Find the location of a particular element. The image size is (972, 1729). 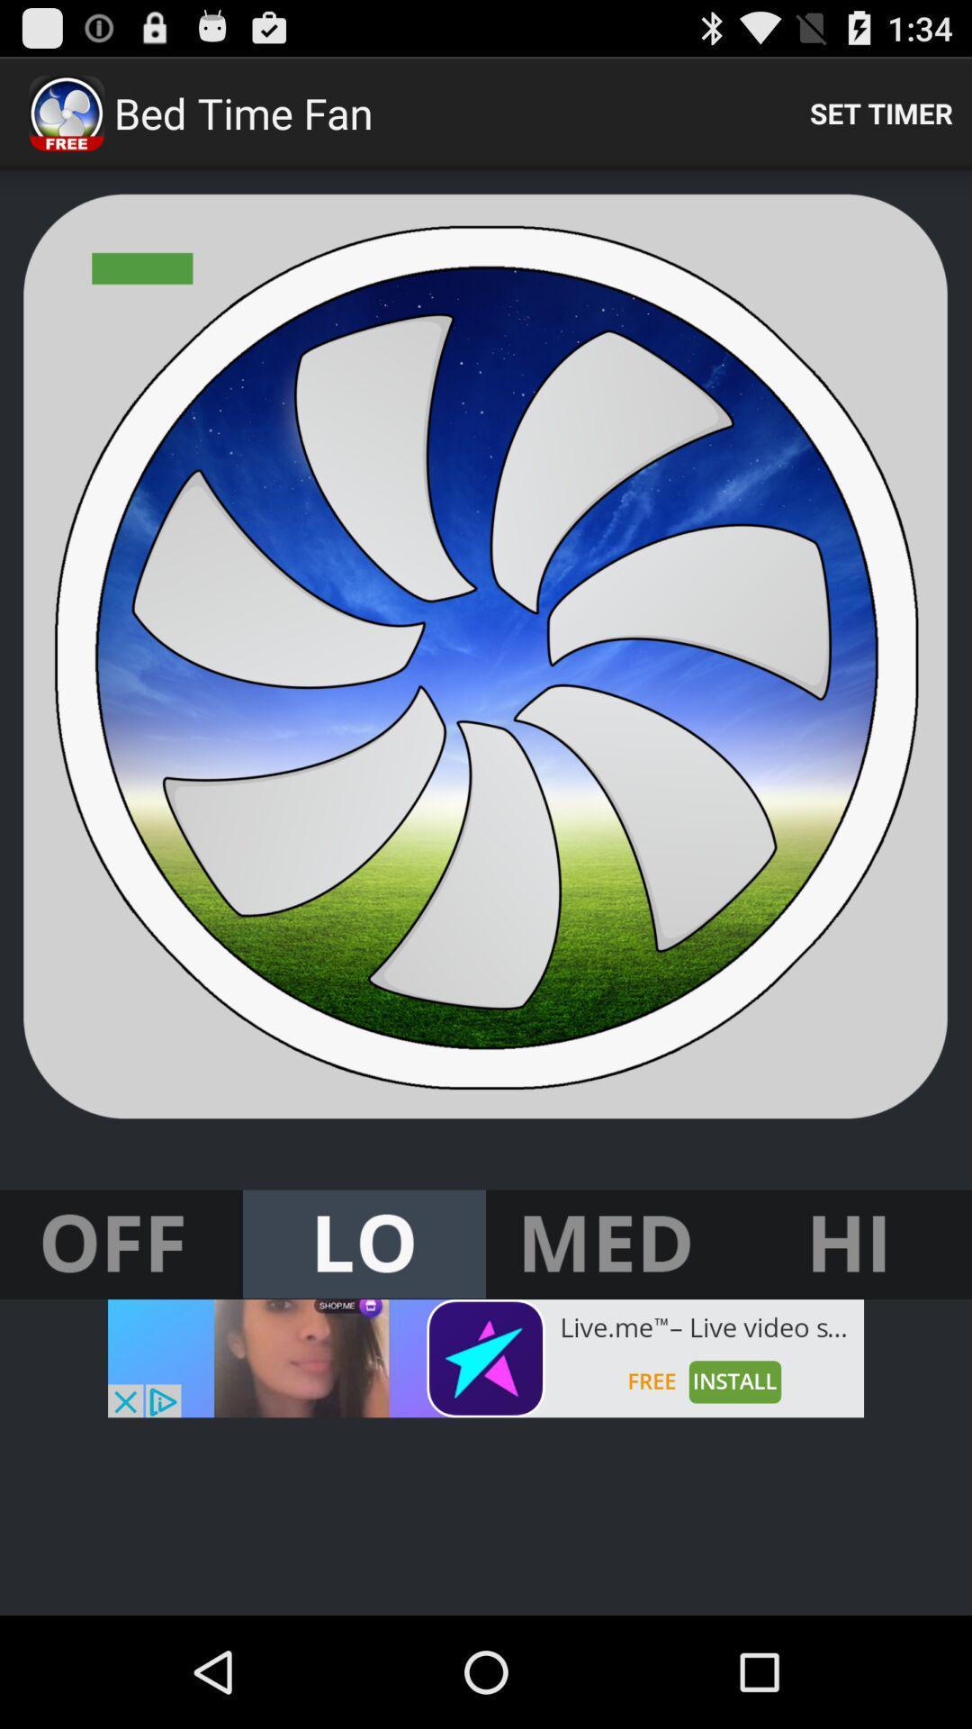

the sliders icon is located at coordinates (850, 1332).